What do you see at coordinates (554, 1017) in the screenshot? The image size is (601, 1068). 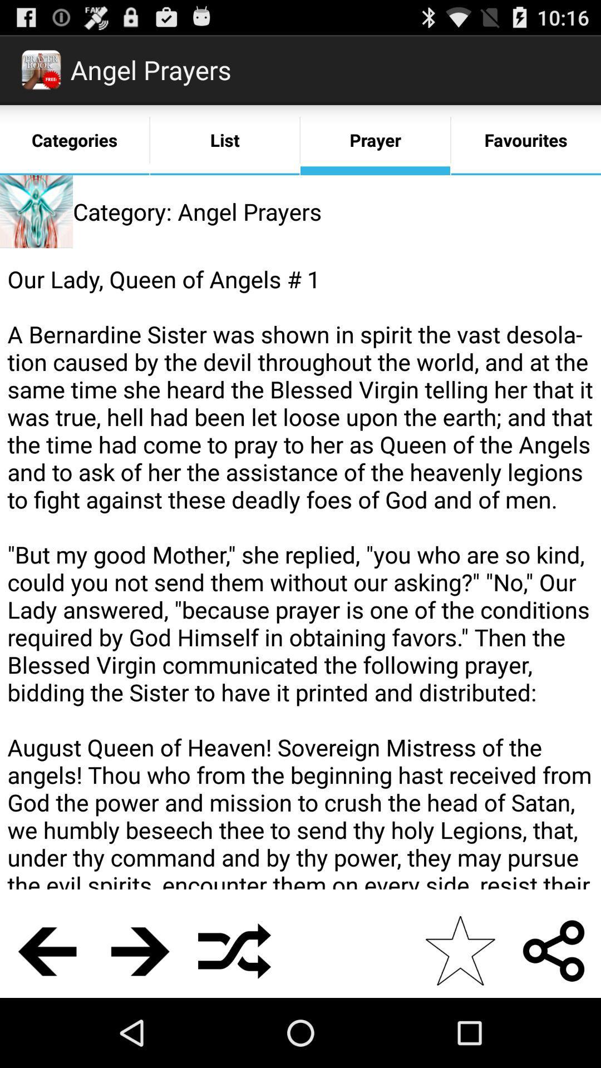 I see `the share icon` at bounding box center [554, 1017].